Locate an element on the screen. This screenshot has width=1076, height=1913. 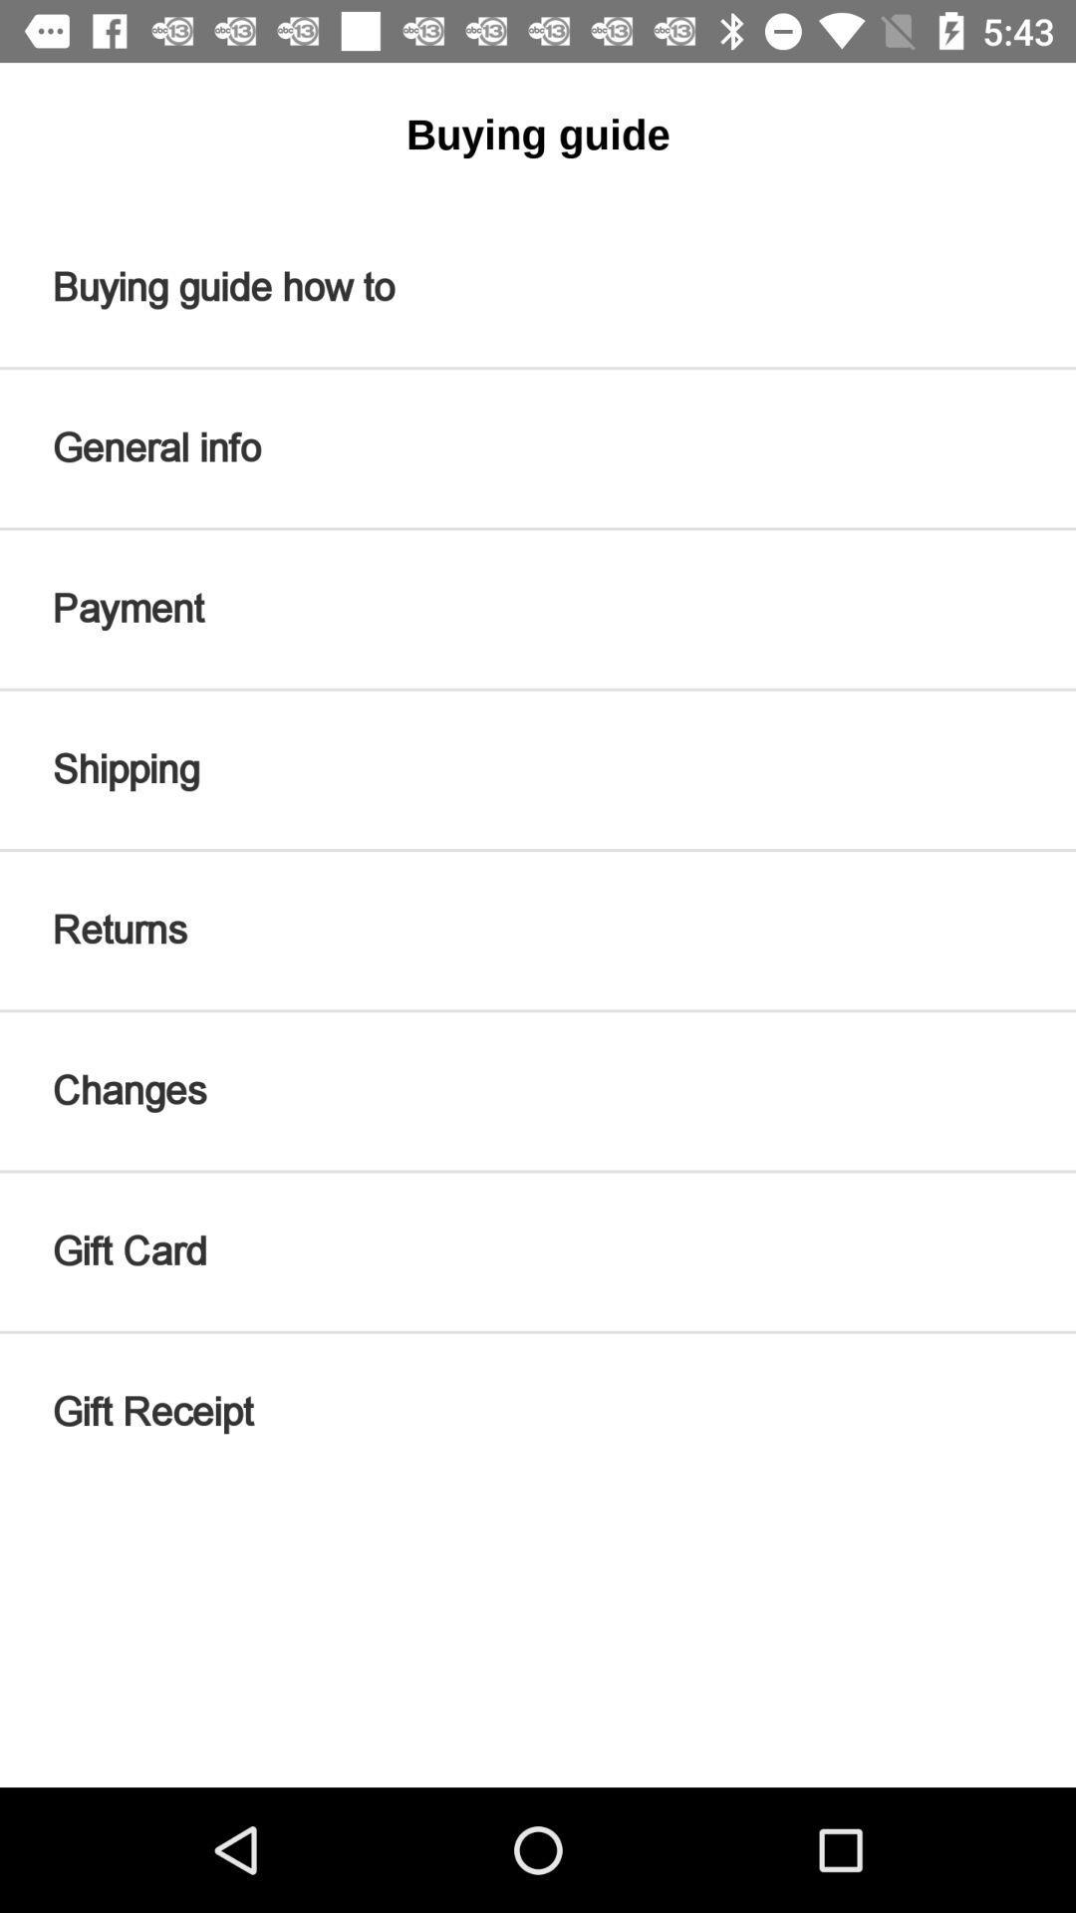
the gift card item is located at coordinates (538, 1250).